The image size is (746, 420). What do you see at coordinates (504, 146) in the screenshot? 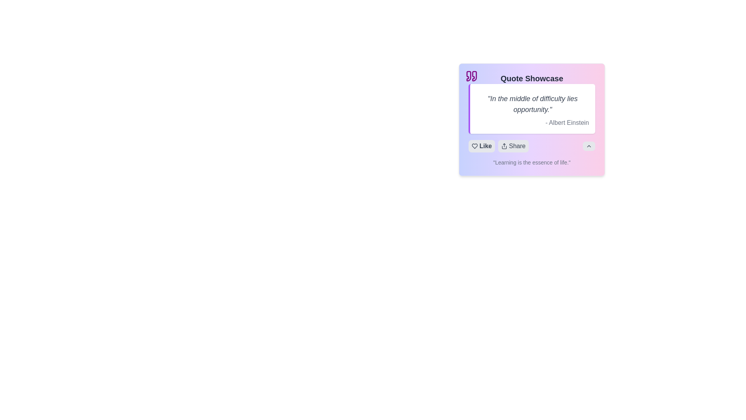
I see `the sharing icon located` at bounding box center [504, 146].